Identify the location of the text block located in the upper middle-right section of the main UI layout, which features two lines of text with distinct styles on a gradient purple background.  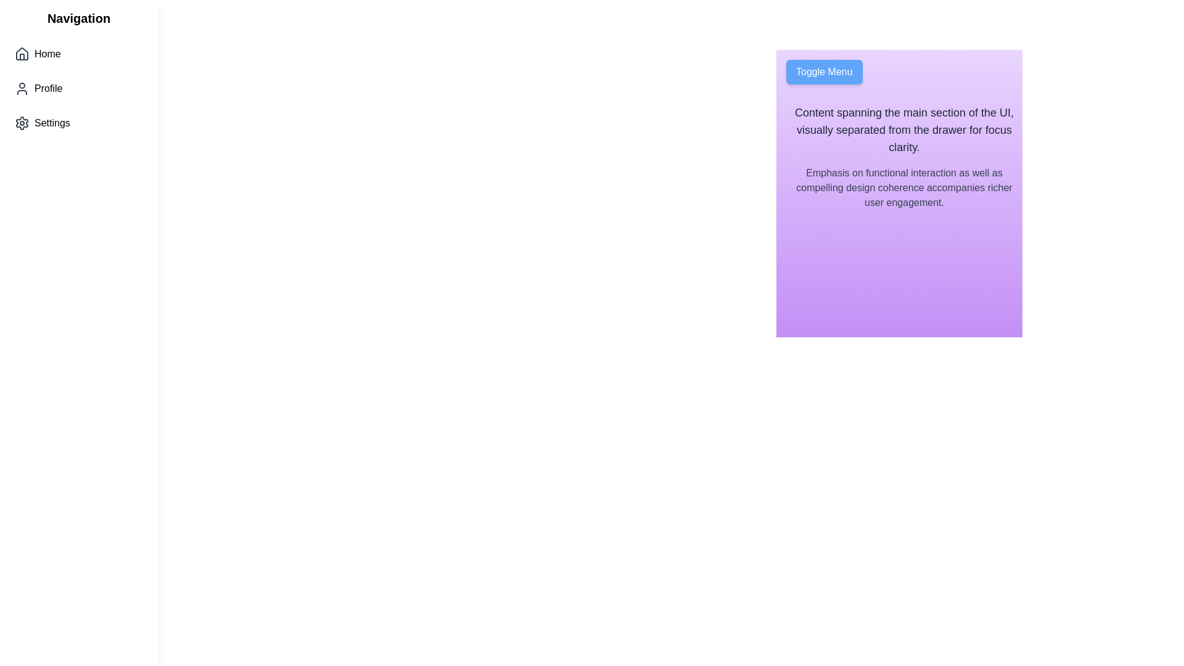
(904, 156).